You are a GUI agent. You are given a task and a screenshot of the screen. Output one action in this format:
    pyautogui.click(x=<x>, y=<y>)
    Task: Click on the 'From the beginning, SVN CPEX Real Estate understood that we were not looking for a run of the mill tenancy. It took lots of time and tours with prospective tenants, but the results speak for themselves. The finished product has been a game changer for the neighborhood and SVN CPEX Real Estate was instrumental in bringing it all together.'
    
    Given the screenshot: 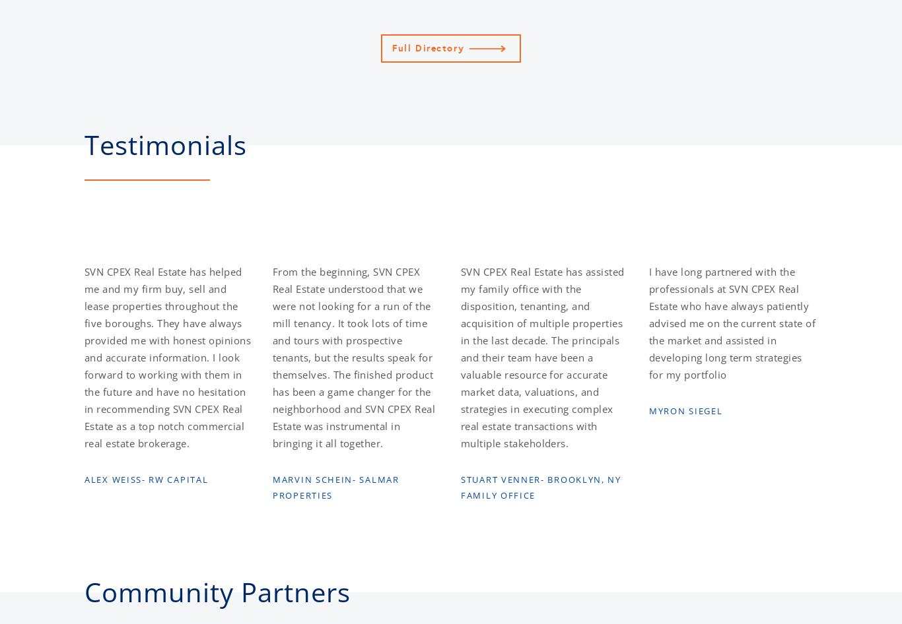 What is the action you would take?
    pyautogui.click(x=354, y=357)
    